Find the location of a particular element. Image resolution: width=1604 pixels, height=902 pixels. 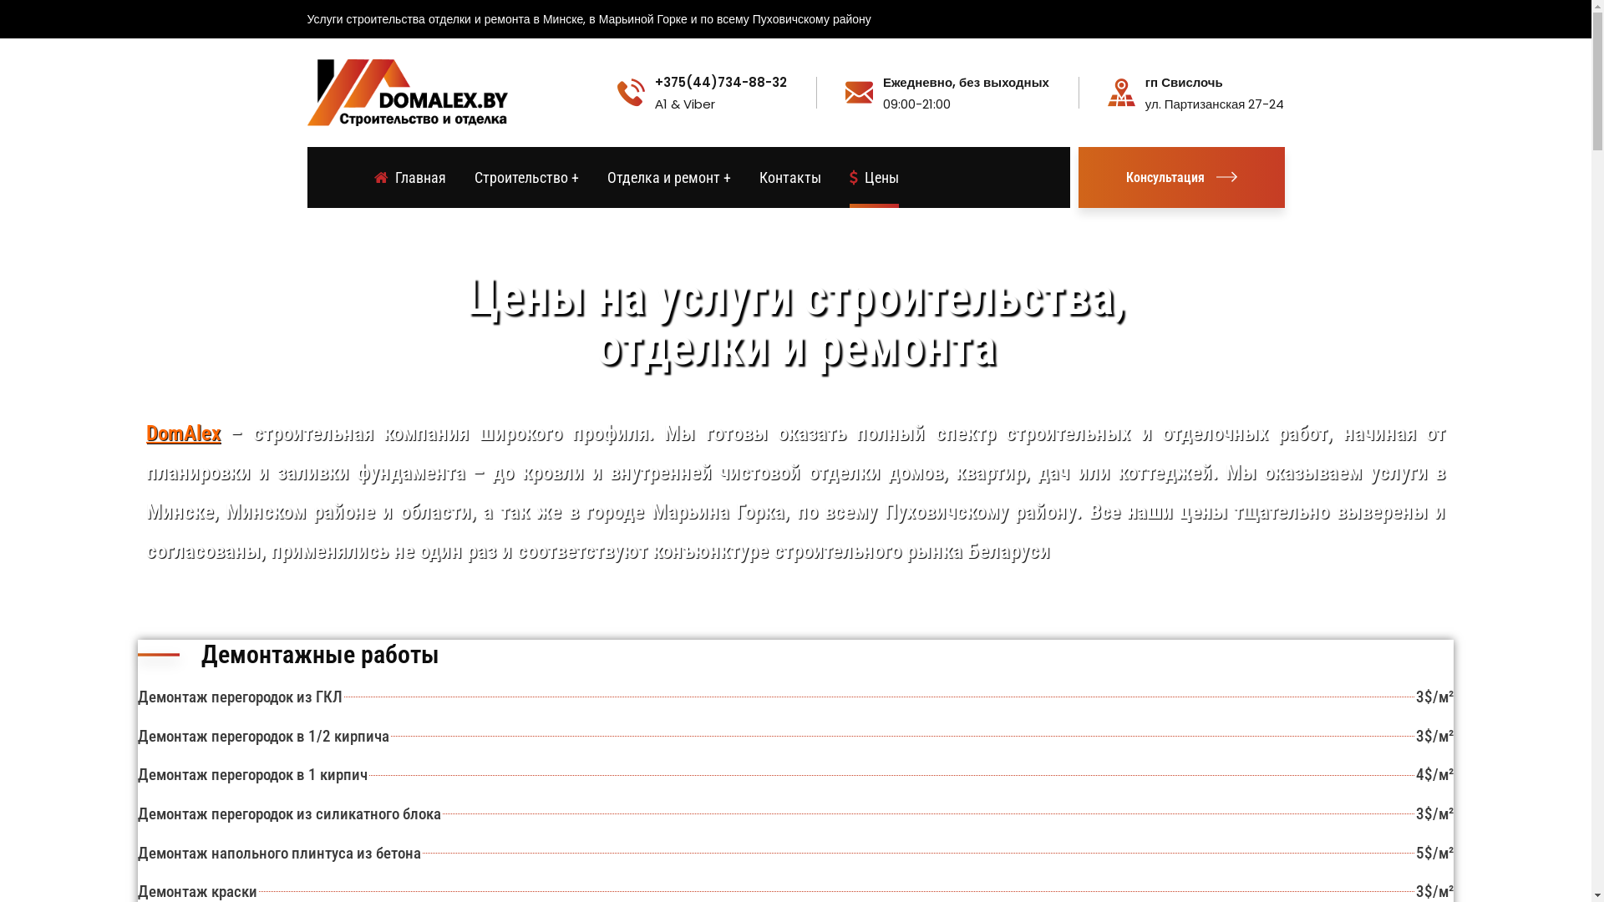

'DomAlex' is located at coordinates (183, 432).